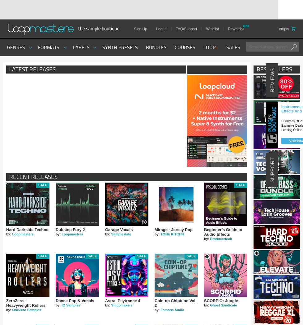  What do you see at coordinates (140, 29) in the screenshot?
I see `'Sign Up'` at bounding box center [140, 29].